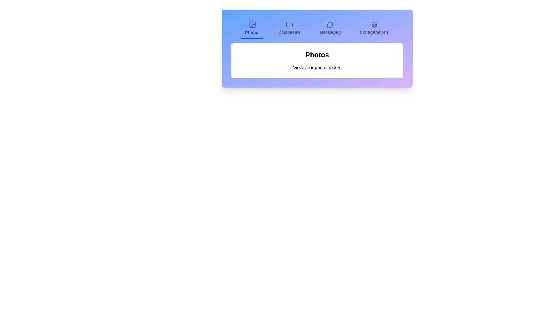  Describe the element at coordinates (374, 24) in the screenshot. I see `the icon of the Configurations tab to activate it` at that location.